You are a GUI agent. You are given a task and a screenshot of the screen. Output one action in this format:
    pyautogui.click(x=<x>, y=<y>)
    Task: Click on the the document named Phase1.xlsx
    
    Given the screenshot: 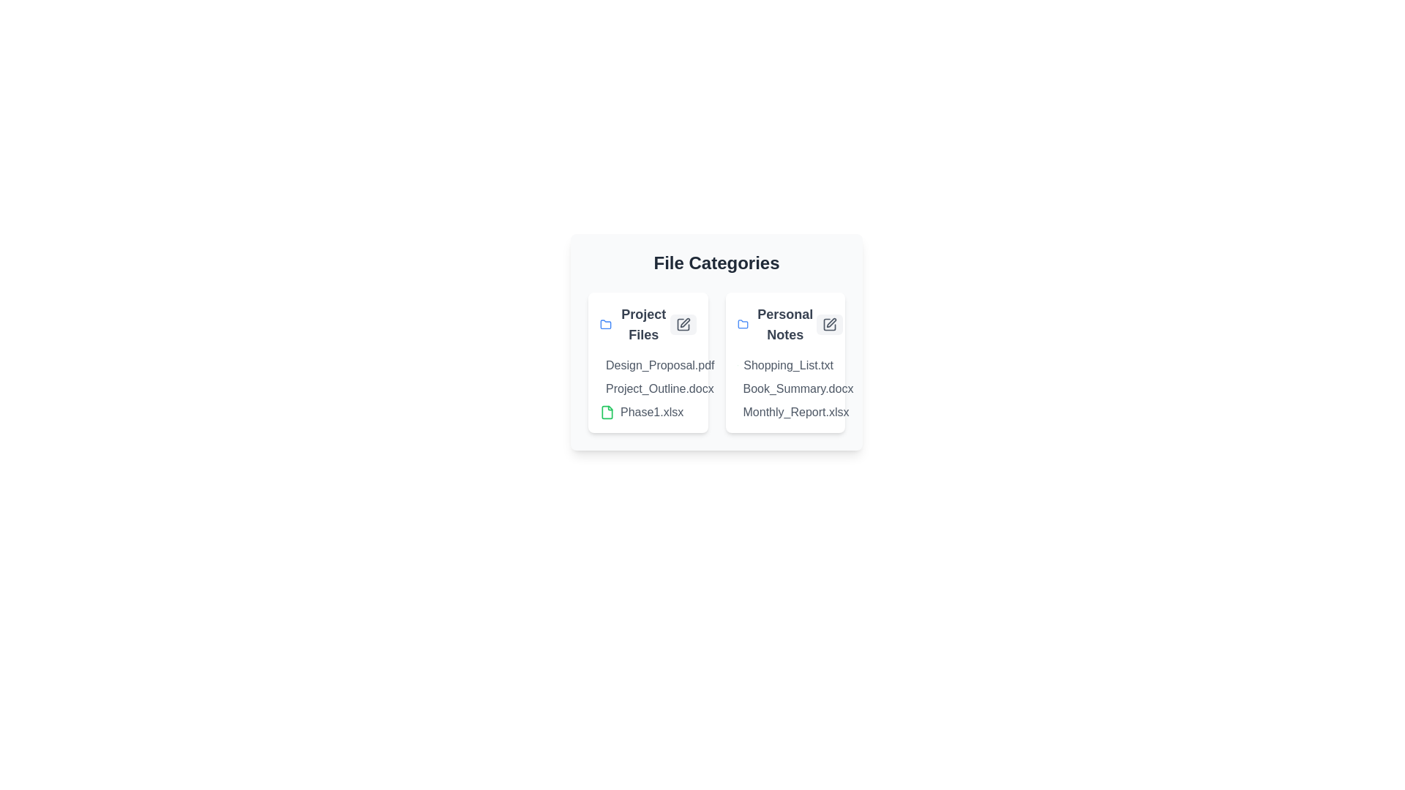 What is the action you would take?
    pyautogui.click(x=621, y=412)
    